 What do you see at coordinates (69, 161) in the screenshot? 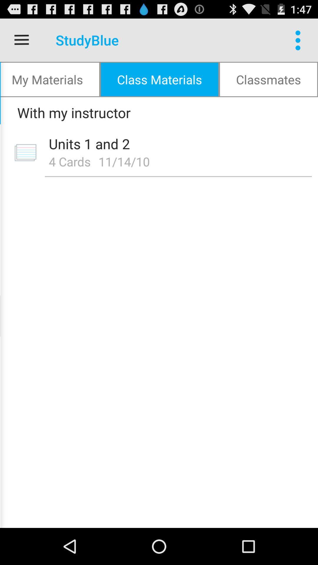
I see `the 4 cards` at bounding box center [69, 161].